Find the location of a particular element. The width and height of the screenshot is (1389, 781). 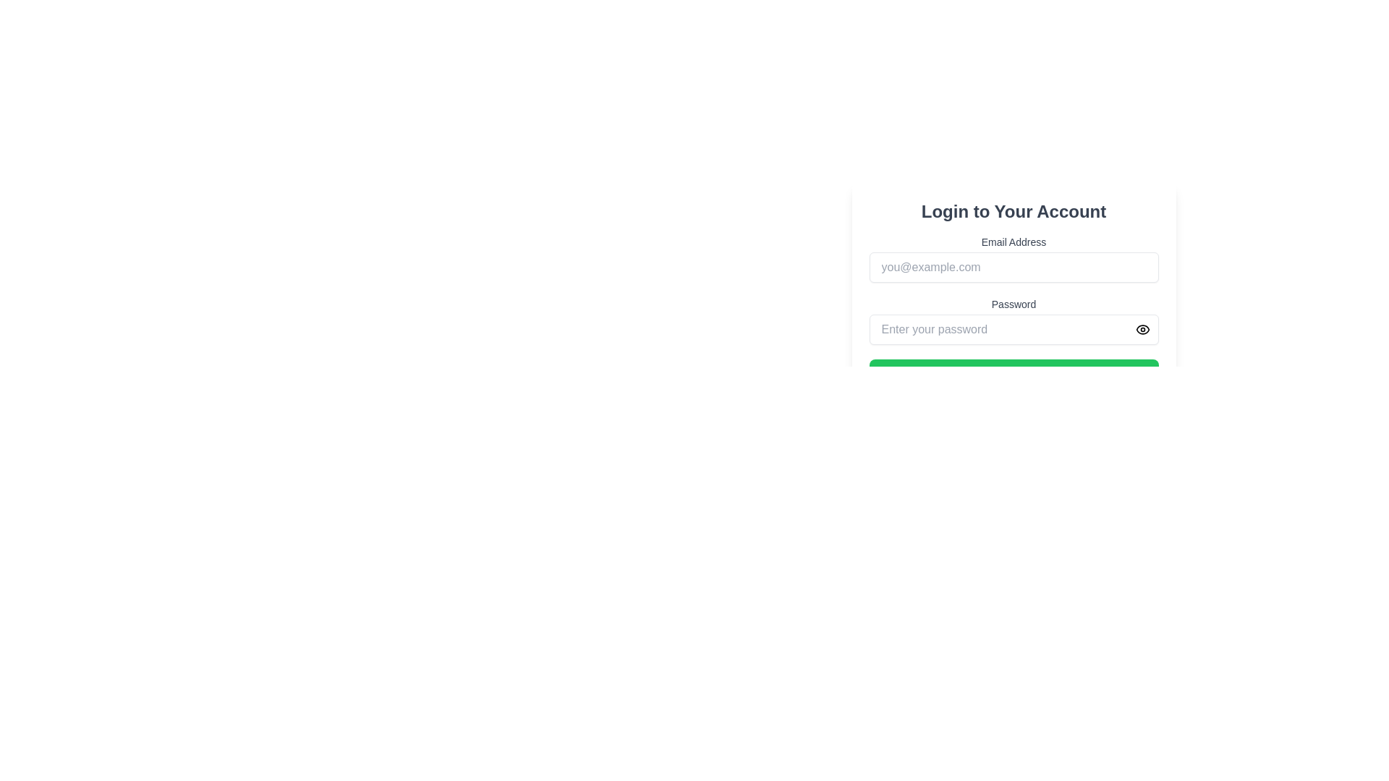

the password label that identifies the associated password input field in the login form, positioned below the 'Email Address' label and above the password input box is located at coordinates (1013, 303).